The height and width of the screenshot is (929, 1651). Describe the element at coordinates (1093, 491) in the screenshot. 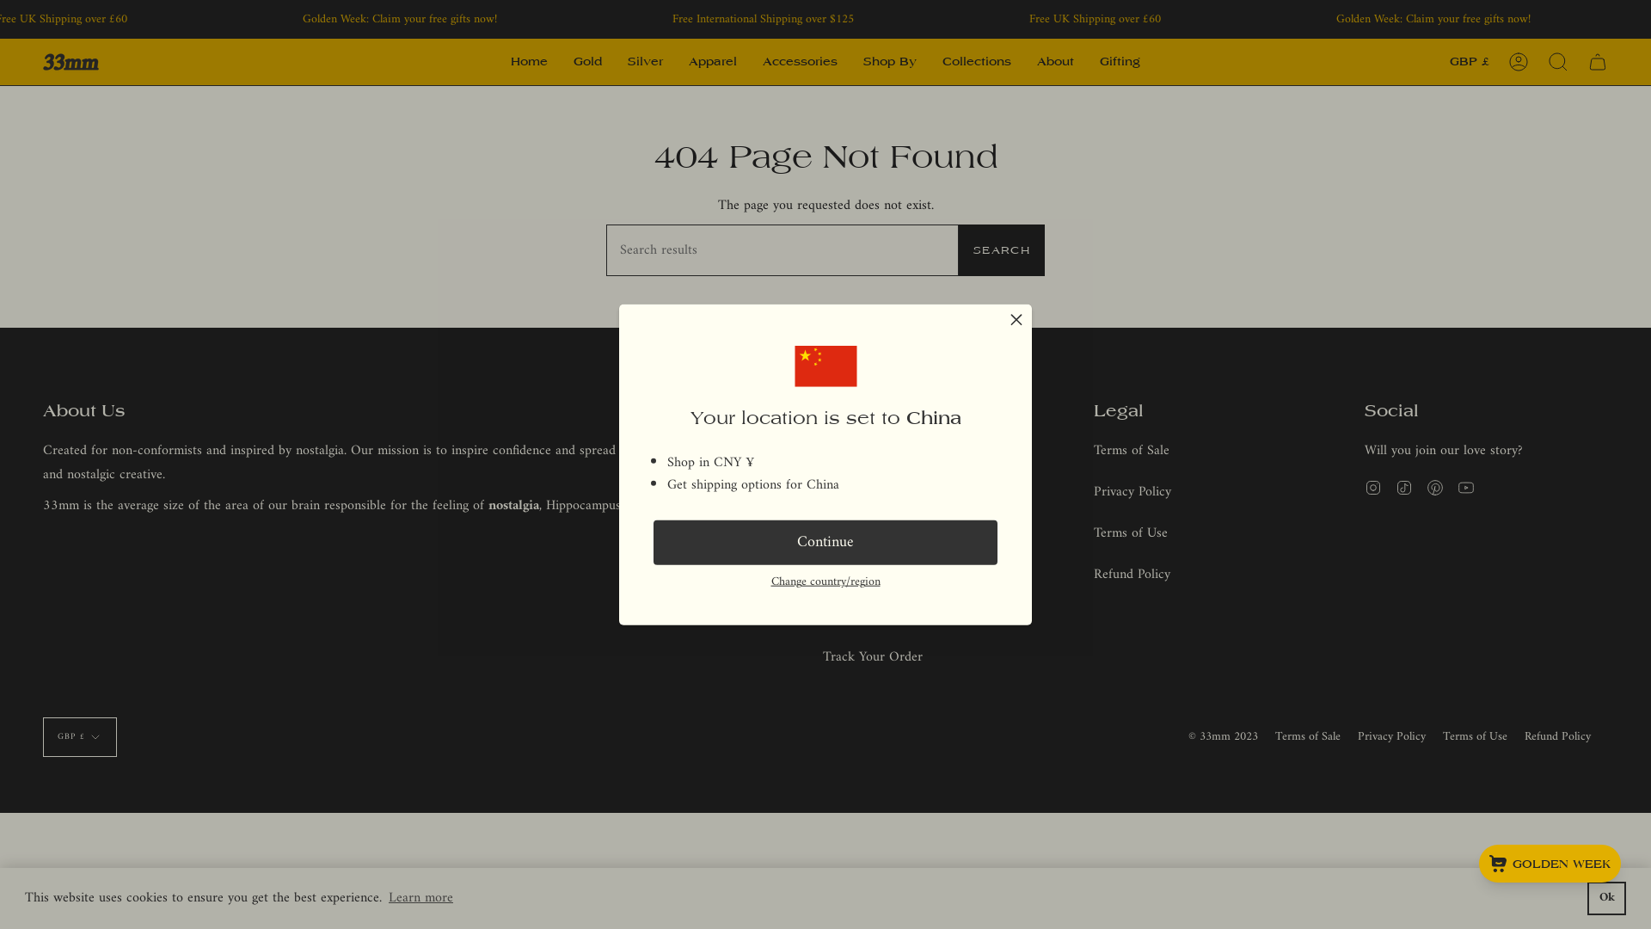

I see `'Privacy Policy'` at that location.